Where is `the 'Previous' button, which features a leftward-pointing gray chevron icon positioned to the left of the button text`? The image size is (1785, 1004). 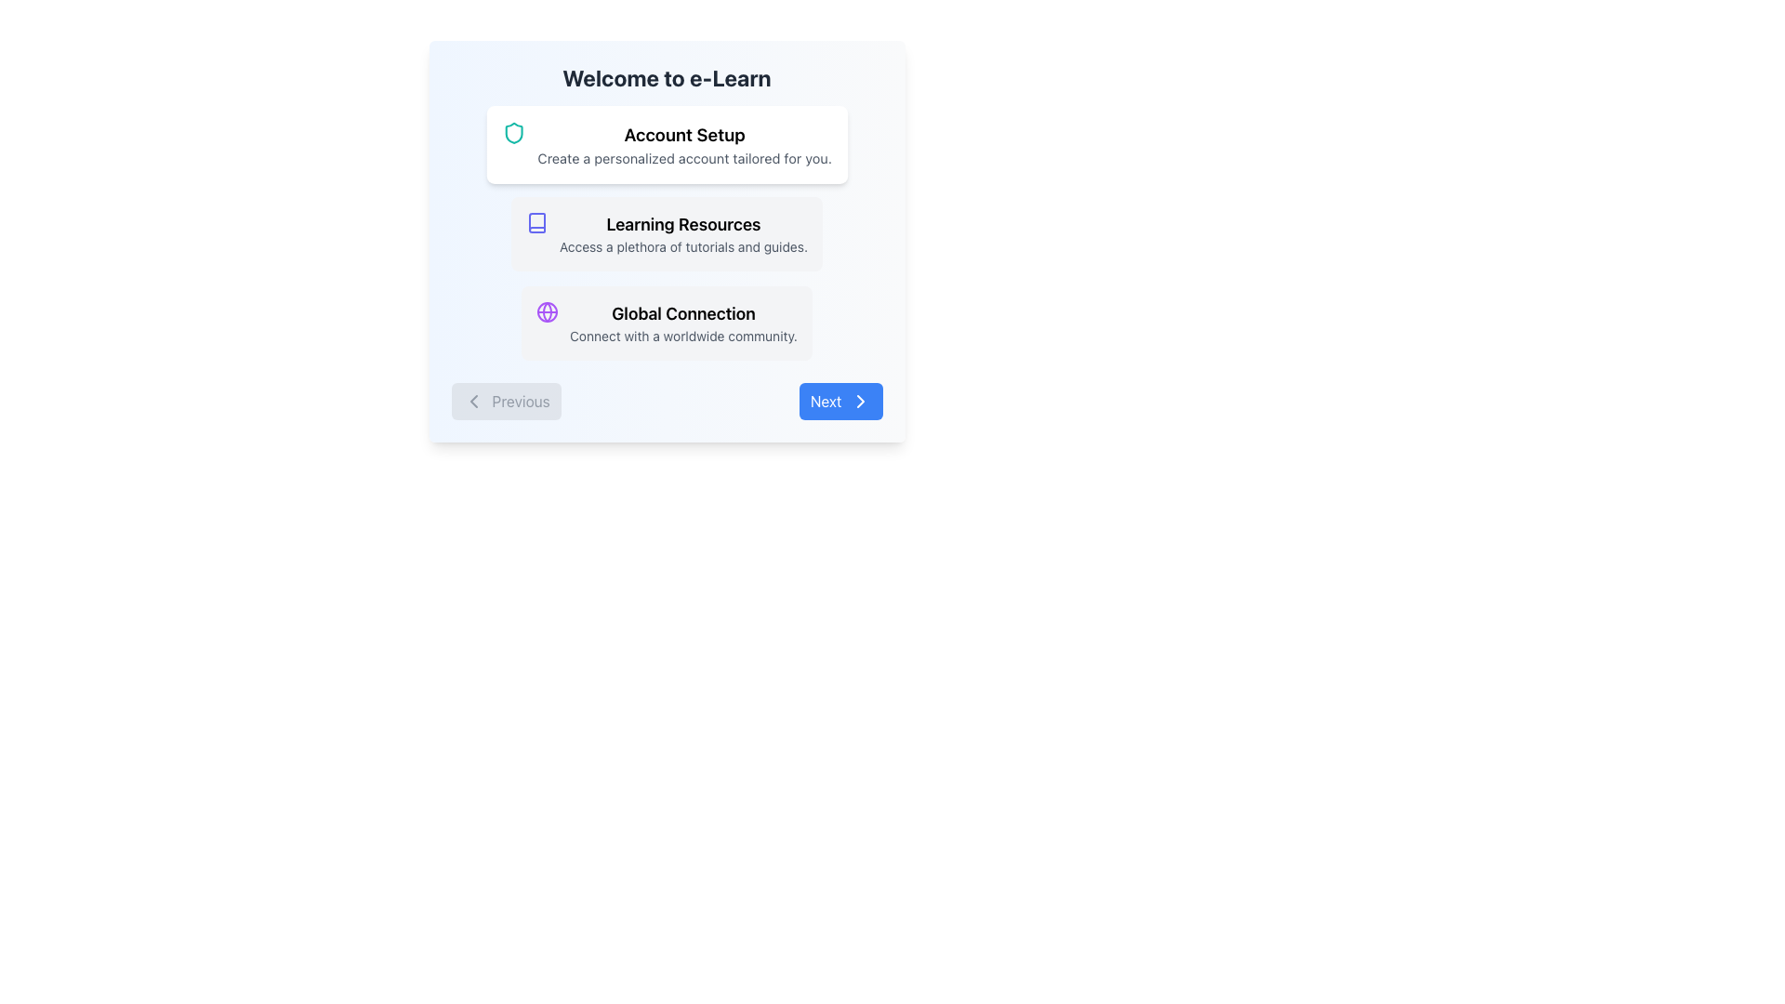
the 'Previous' button, which features a leftward-pointing gray chevron icon positioned to the left of the button text is located at coordinates (473, 401).